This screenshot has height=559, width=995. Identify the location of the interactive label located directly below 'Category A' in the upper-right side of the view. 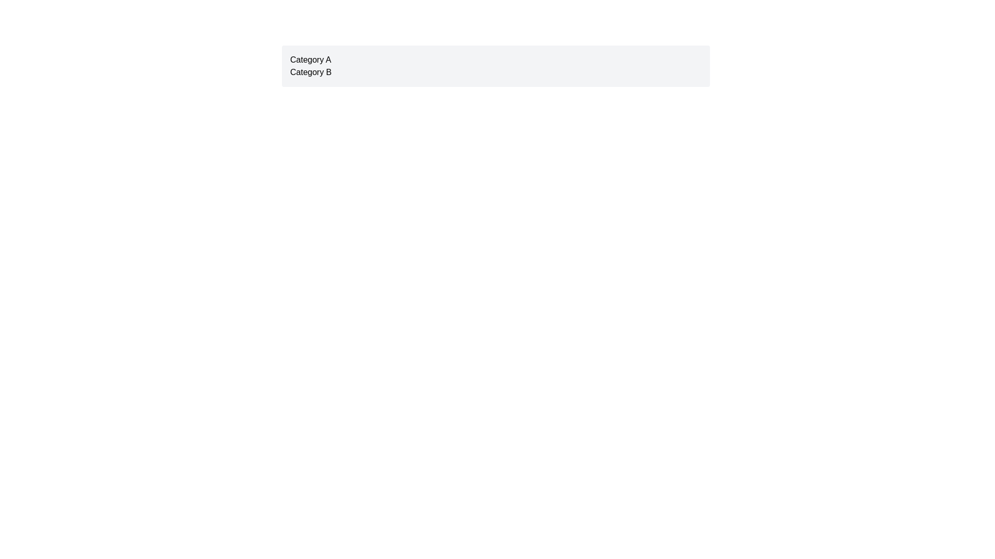
(310, 71).